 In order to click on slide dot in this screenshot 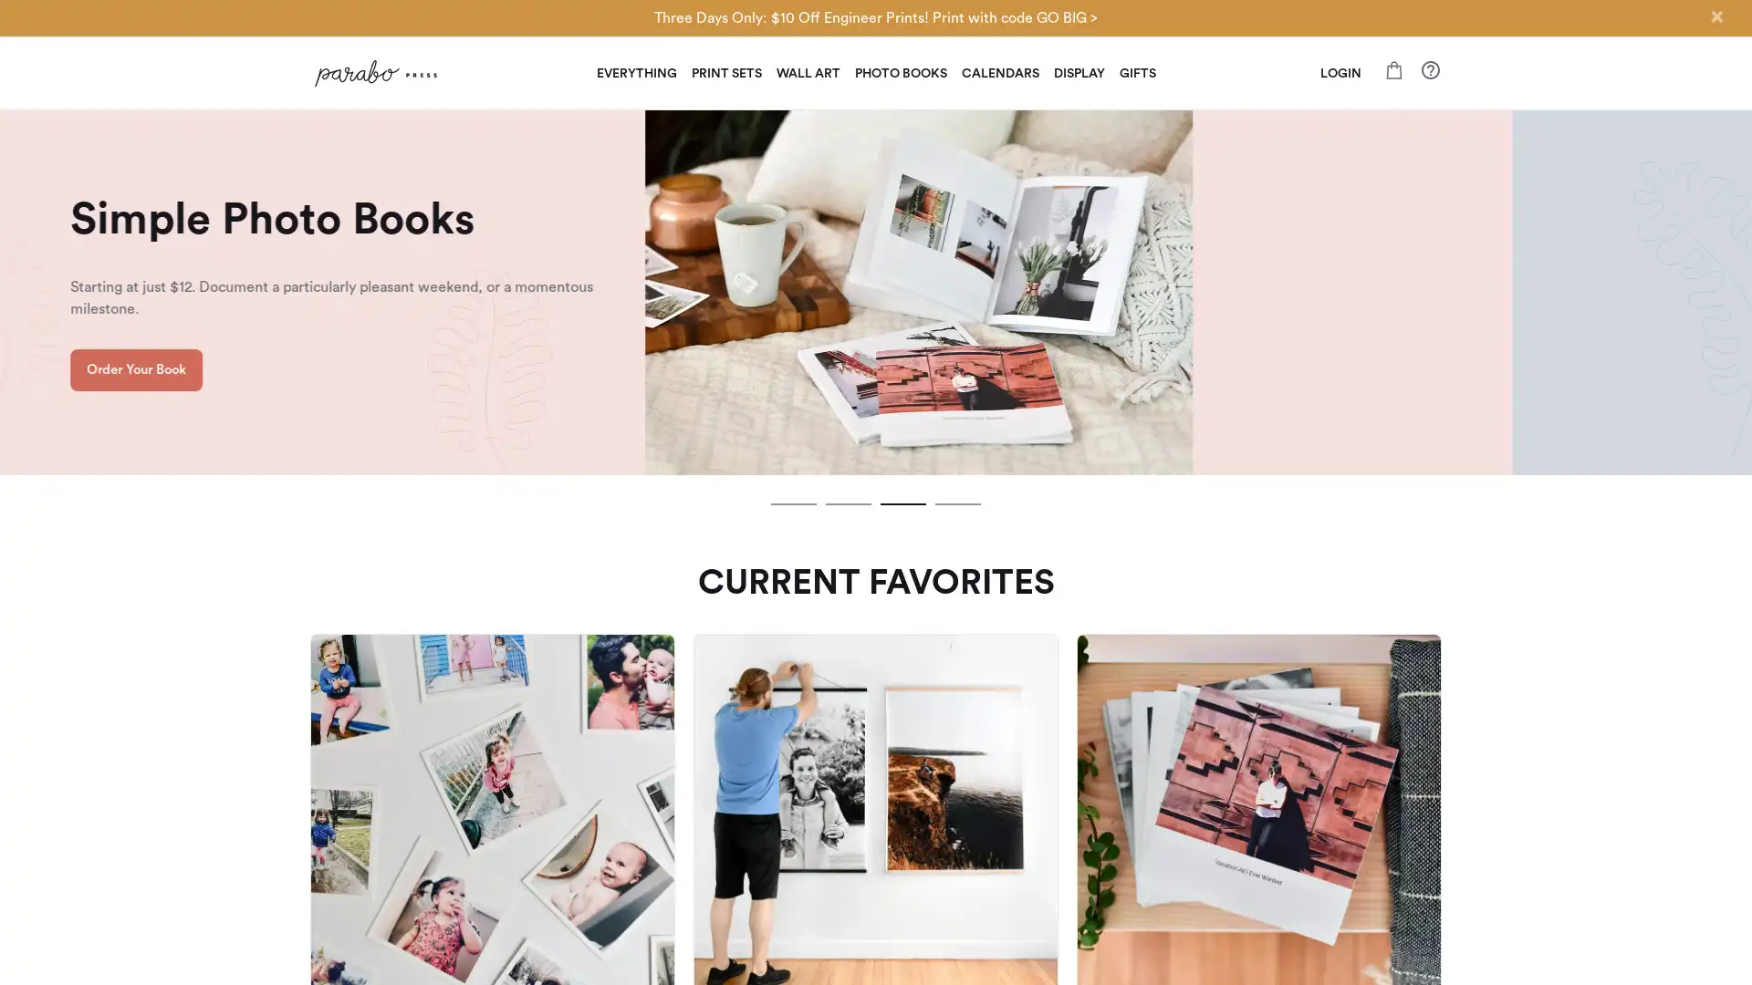, I will do `click(957, 503)`.